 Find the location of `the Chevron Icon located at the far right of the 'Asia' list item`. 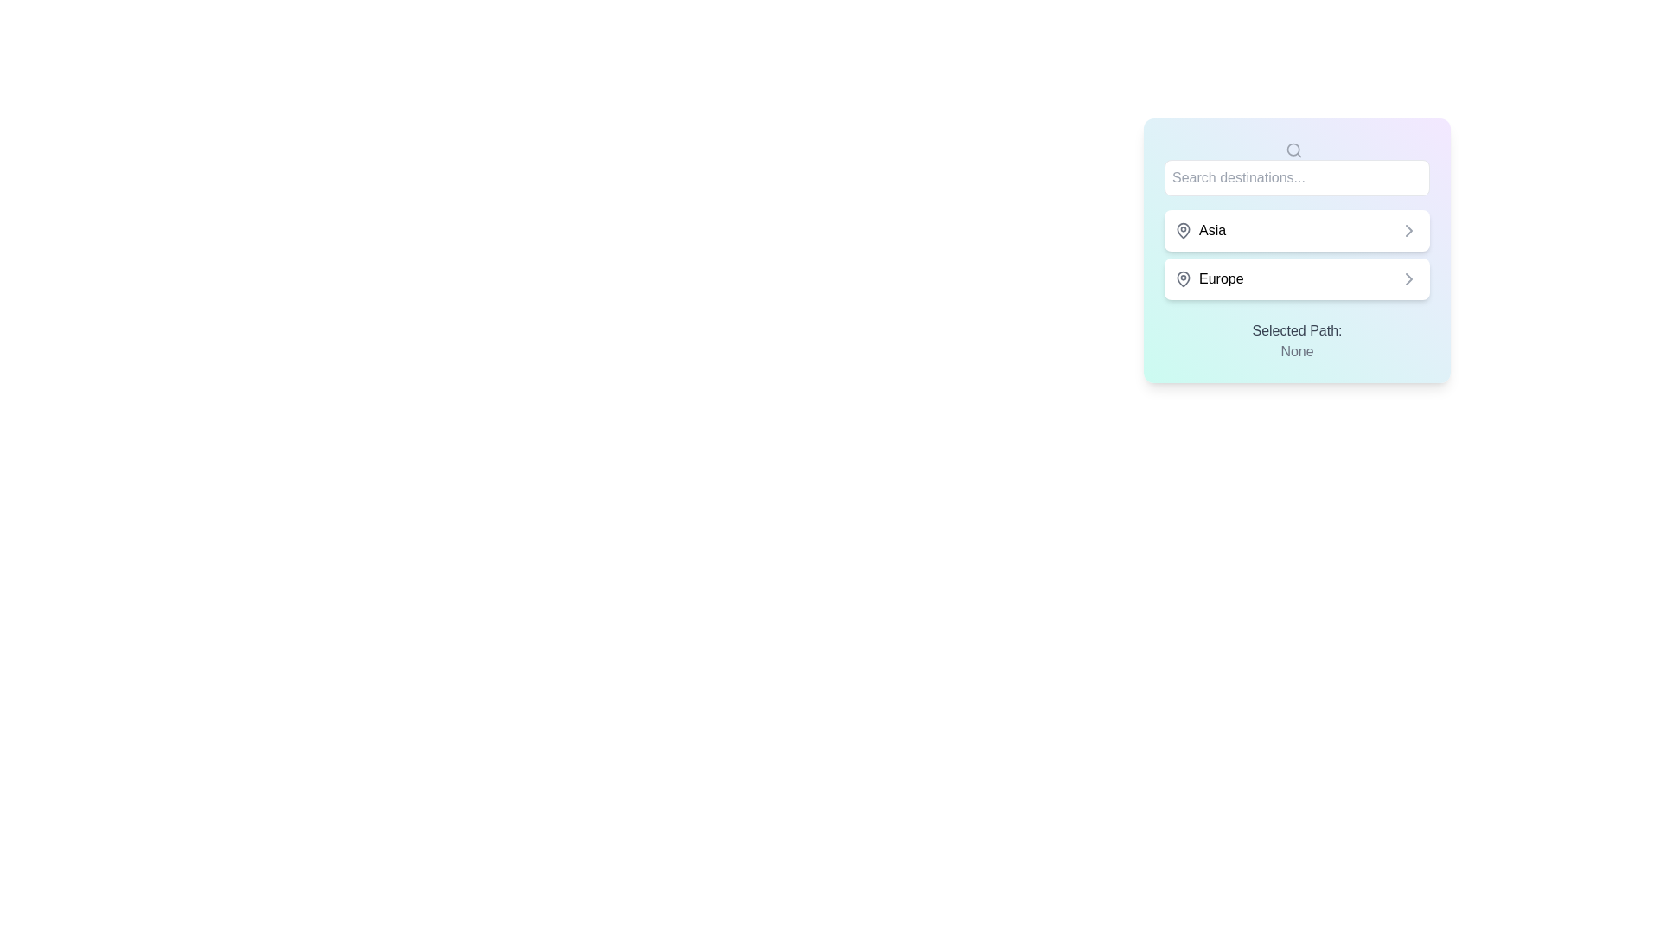

the Chevron Icon located at the far right of the 'Asia' list item is located at coordinates (1409, 229).